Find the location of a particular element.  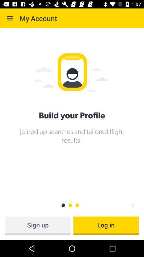

the sign up at the bottom left corner is located at coordinates (38, 225).